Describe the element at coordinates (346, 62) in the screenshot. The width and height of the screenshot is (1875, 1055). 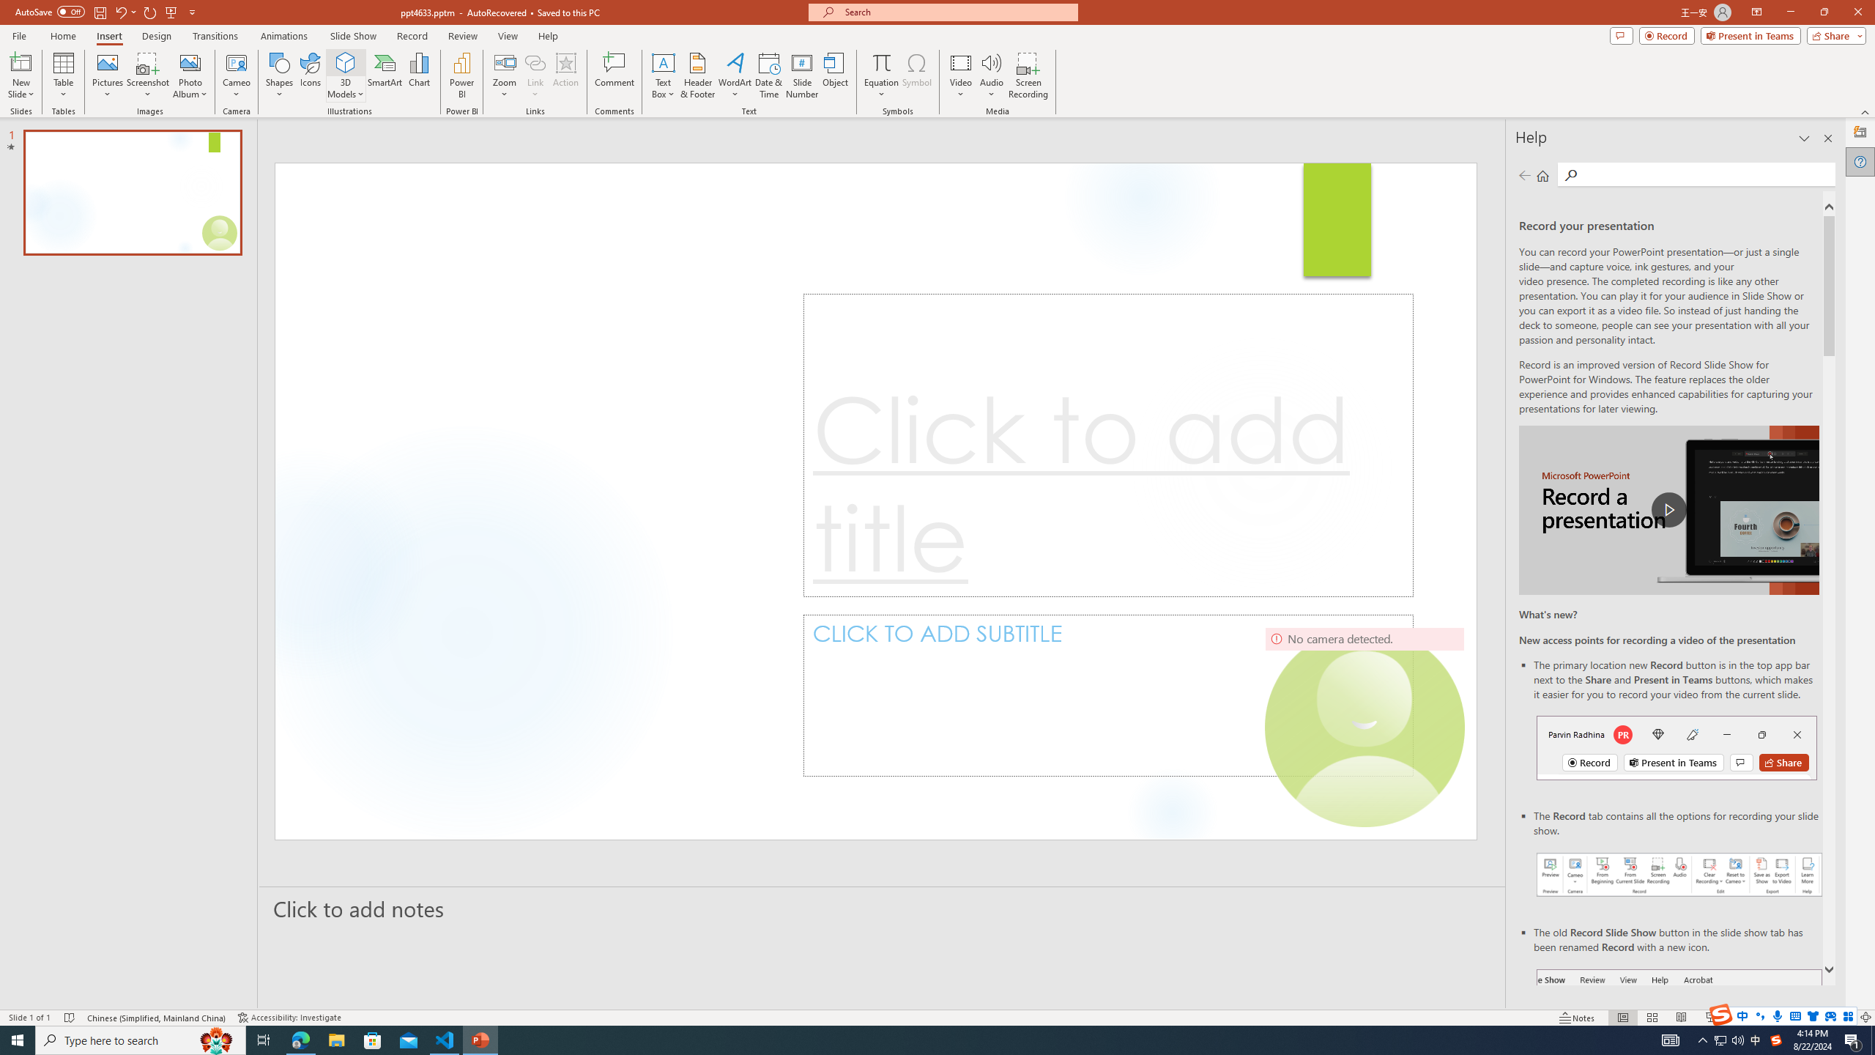
I see `'3D Models'` at that location.